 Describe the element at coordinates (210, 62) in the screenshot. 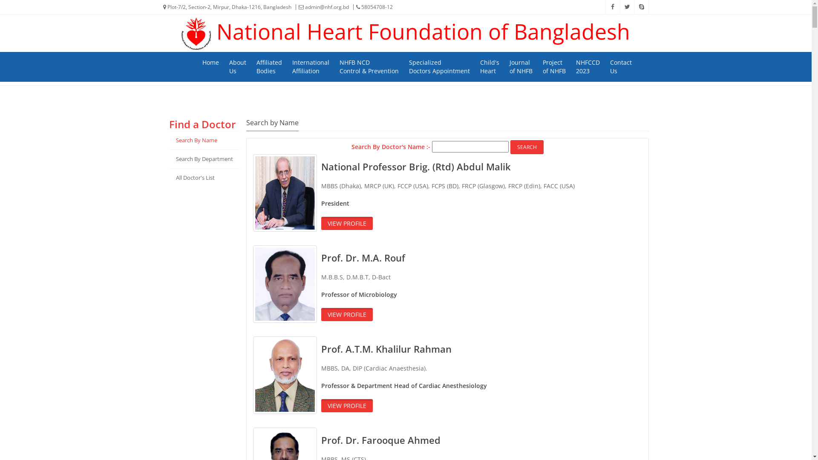

I see `'Home'` at that location.